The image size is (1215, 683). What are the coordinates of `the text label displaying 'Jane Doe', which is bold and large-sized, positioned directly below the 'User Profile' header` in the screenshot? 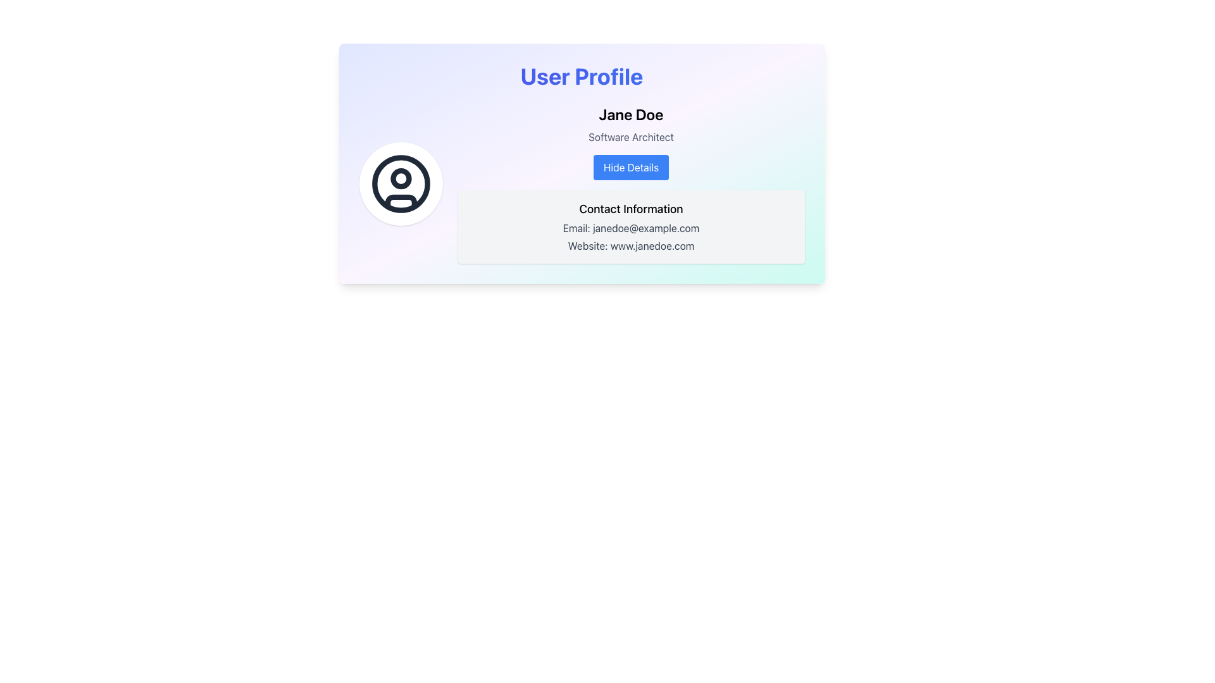 It's located at (631, 114).